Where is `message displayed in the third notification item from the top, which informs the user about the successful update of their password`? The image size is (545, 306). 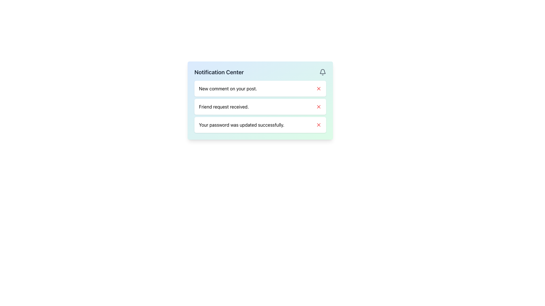 message displayed in the third notification item from the top, which informs the user about the successful update of their password is located at coordinates (242, 124).